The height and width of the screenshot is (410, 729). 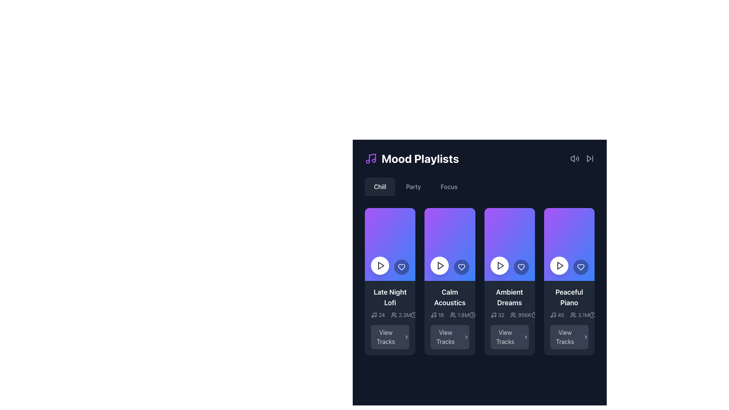 I want to click on the rightward-pointing arrow icon within the 'View Tracks' button of the 'Peaceful Piano' card to trigger any visual or interactive effects, so click(x=585, y=336).